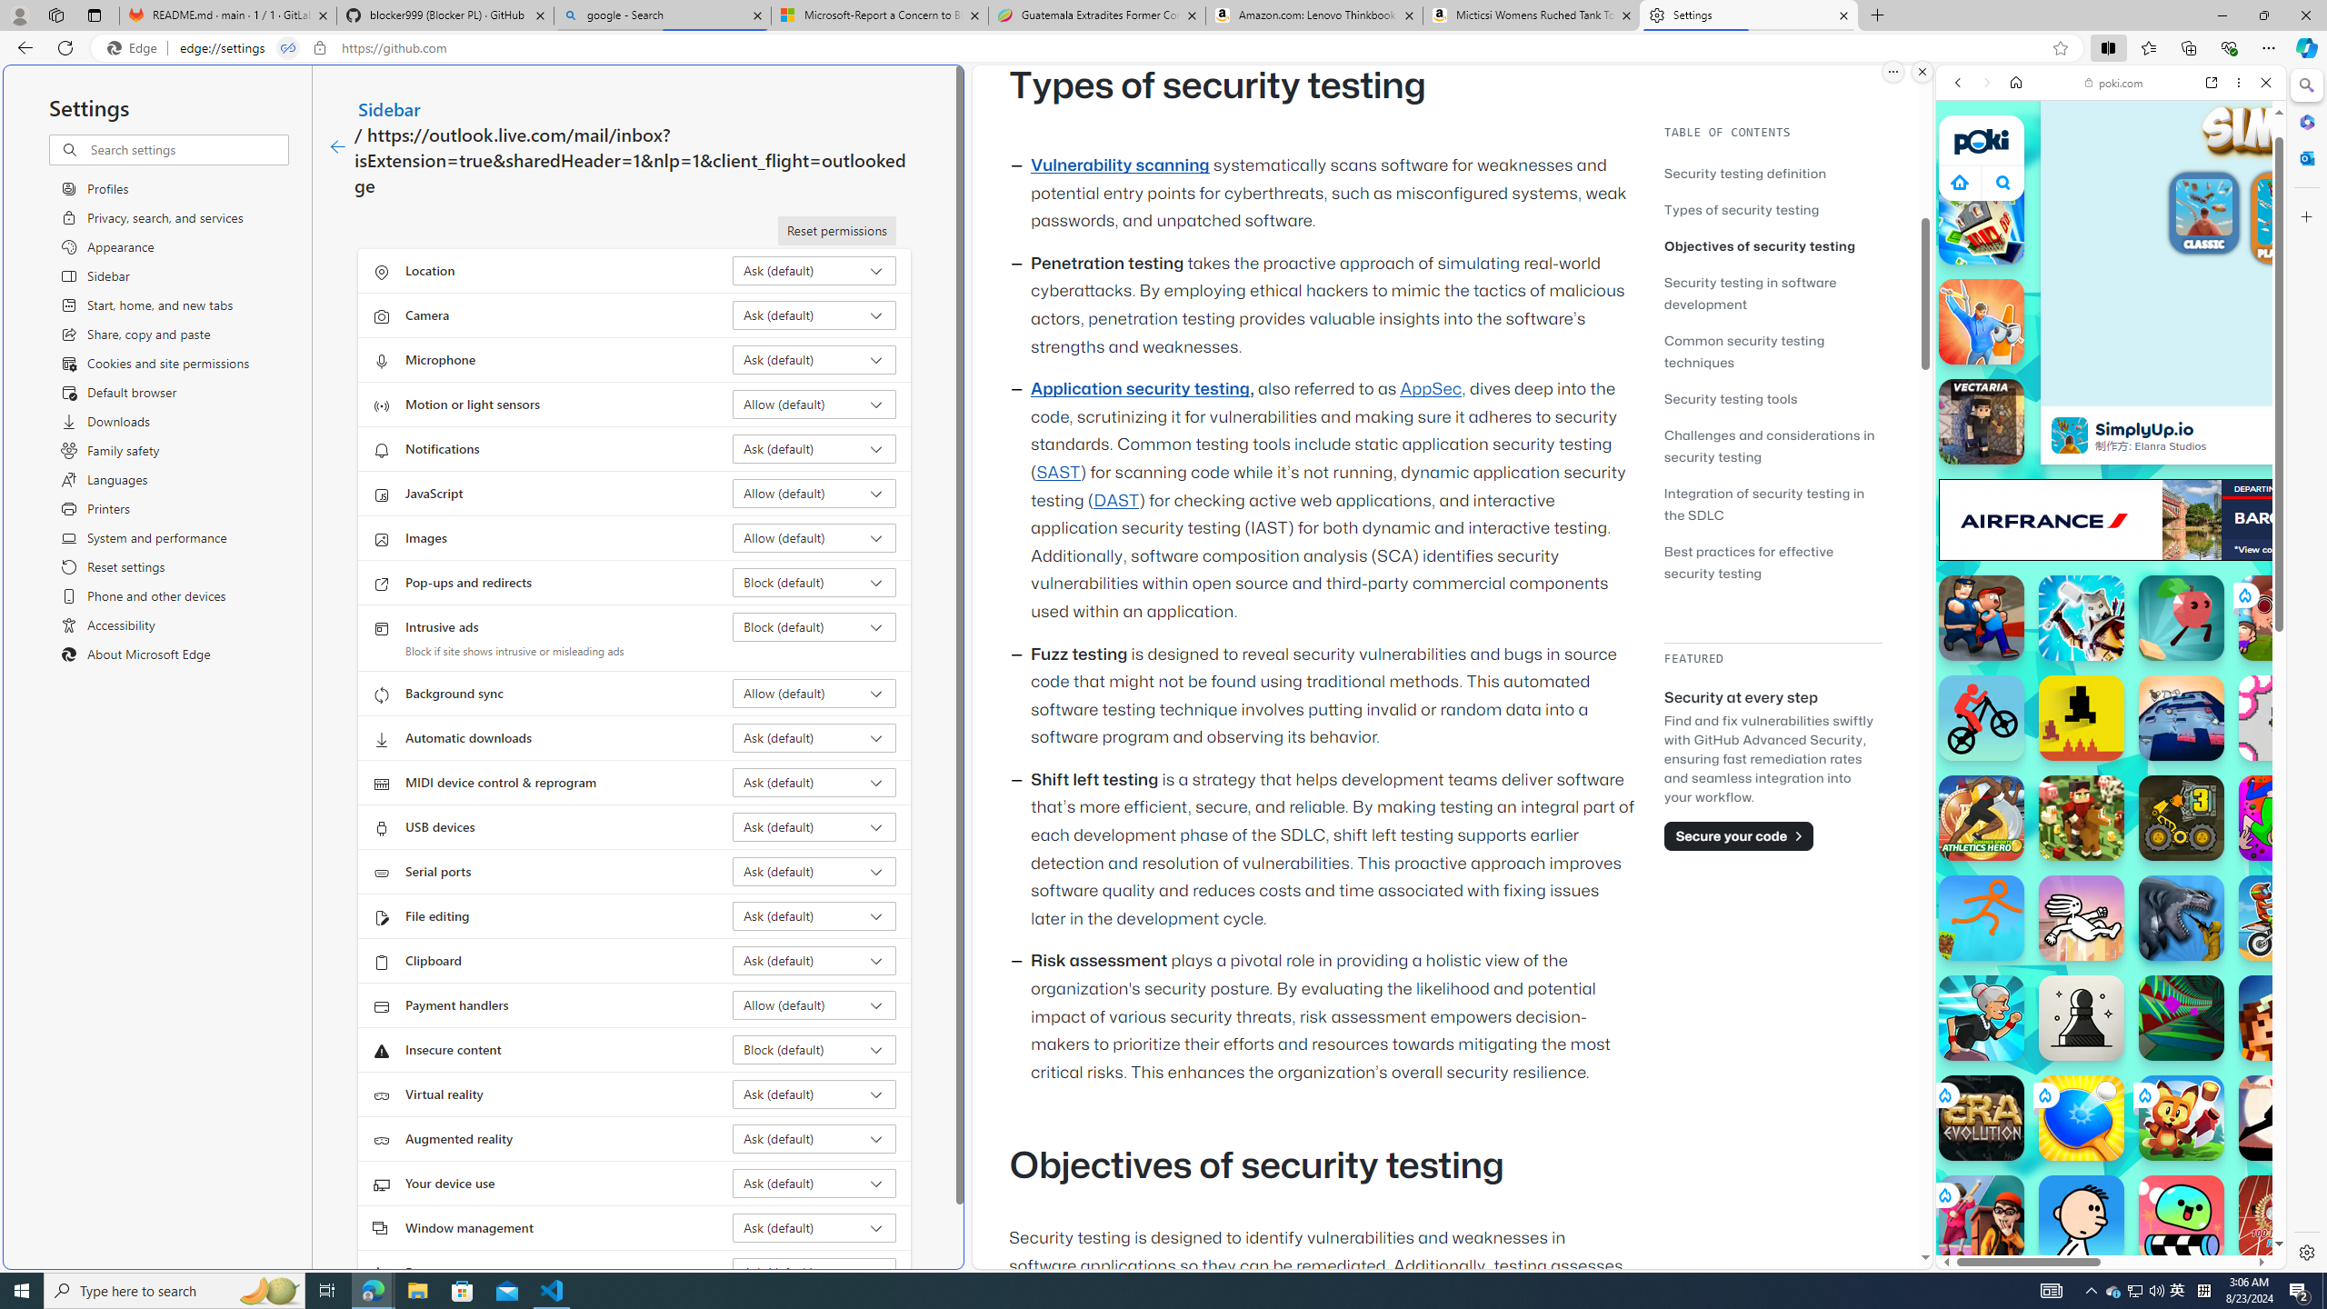 Image resolution: width=2327 pixels, height=1309 pixels. What do you see at coordinates (1772, 292) in the screenshot?
I see `'Security testing in software development'` at bounding box center [1772, 292].